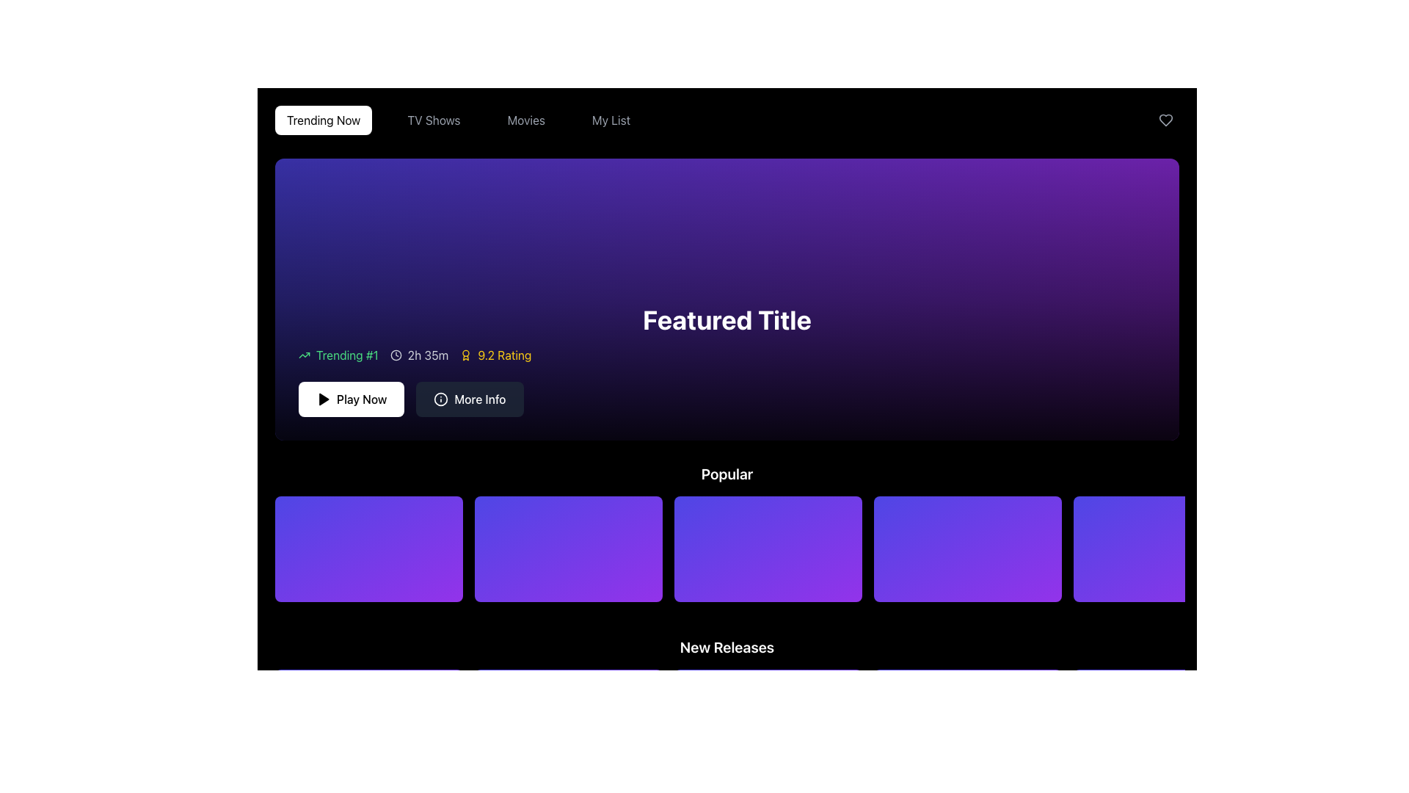 This screenshot has height=793, width=1409. What do you see at coordinates (1165, 120) in the screenshot?
I see `the heart-shaped icon button located in the top-right corner of the interface, which changes color to red when hovered over` at bounding box center [1165, 120].